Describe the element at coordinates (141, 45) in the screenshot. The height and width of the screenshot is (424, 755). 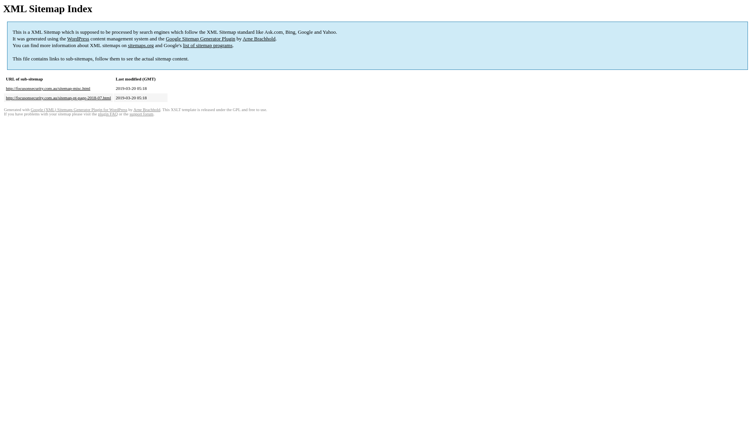
I see `'sitemaps.org'` at that location.